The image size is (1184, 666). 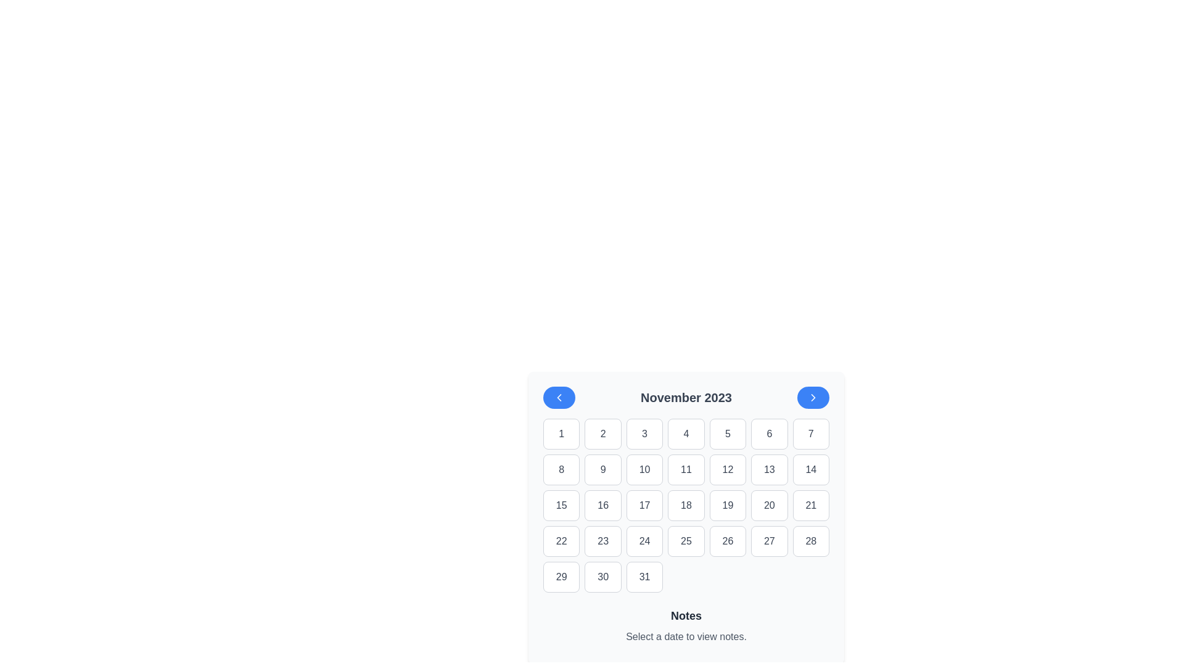 I want to click on the button representing the date '18th' in the November 2023 calendar, so click(x=686, y=506).